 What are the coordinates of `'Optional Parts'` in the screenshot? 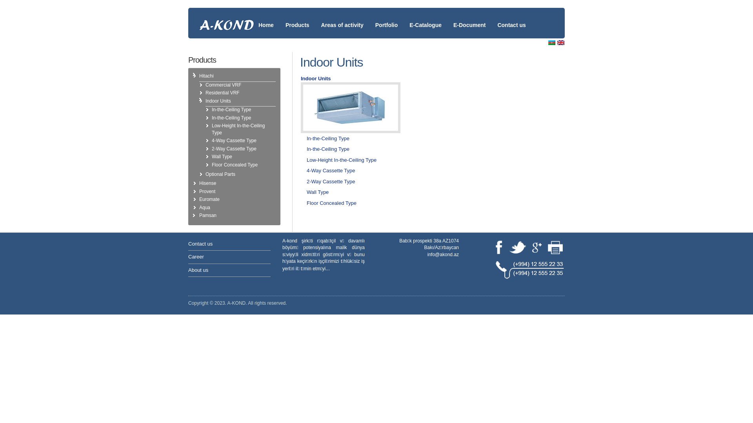 It's located at (205, 174).